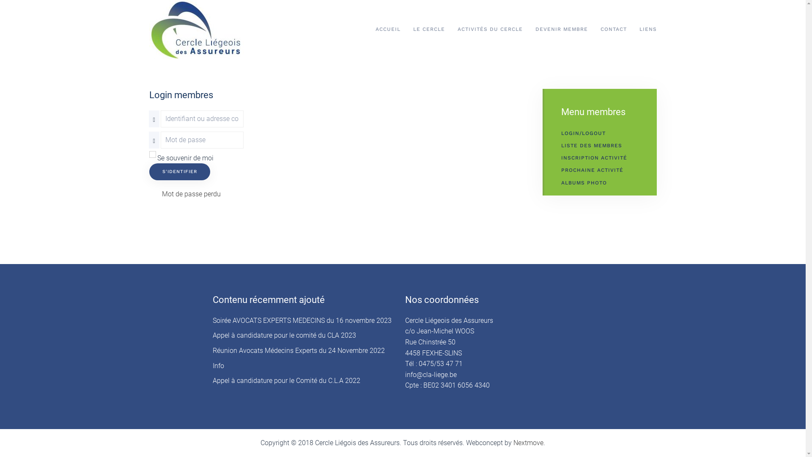 Image resolution: width=812 pixels, height=457 pixels. I want to click on 'Nextmove', so click(528, 442).